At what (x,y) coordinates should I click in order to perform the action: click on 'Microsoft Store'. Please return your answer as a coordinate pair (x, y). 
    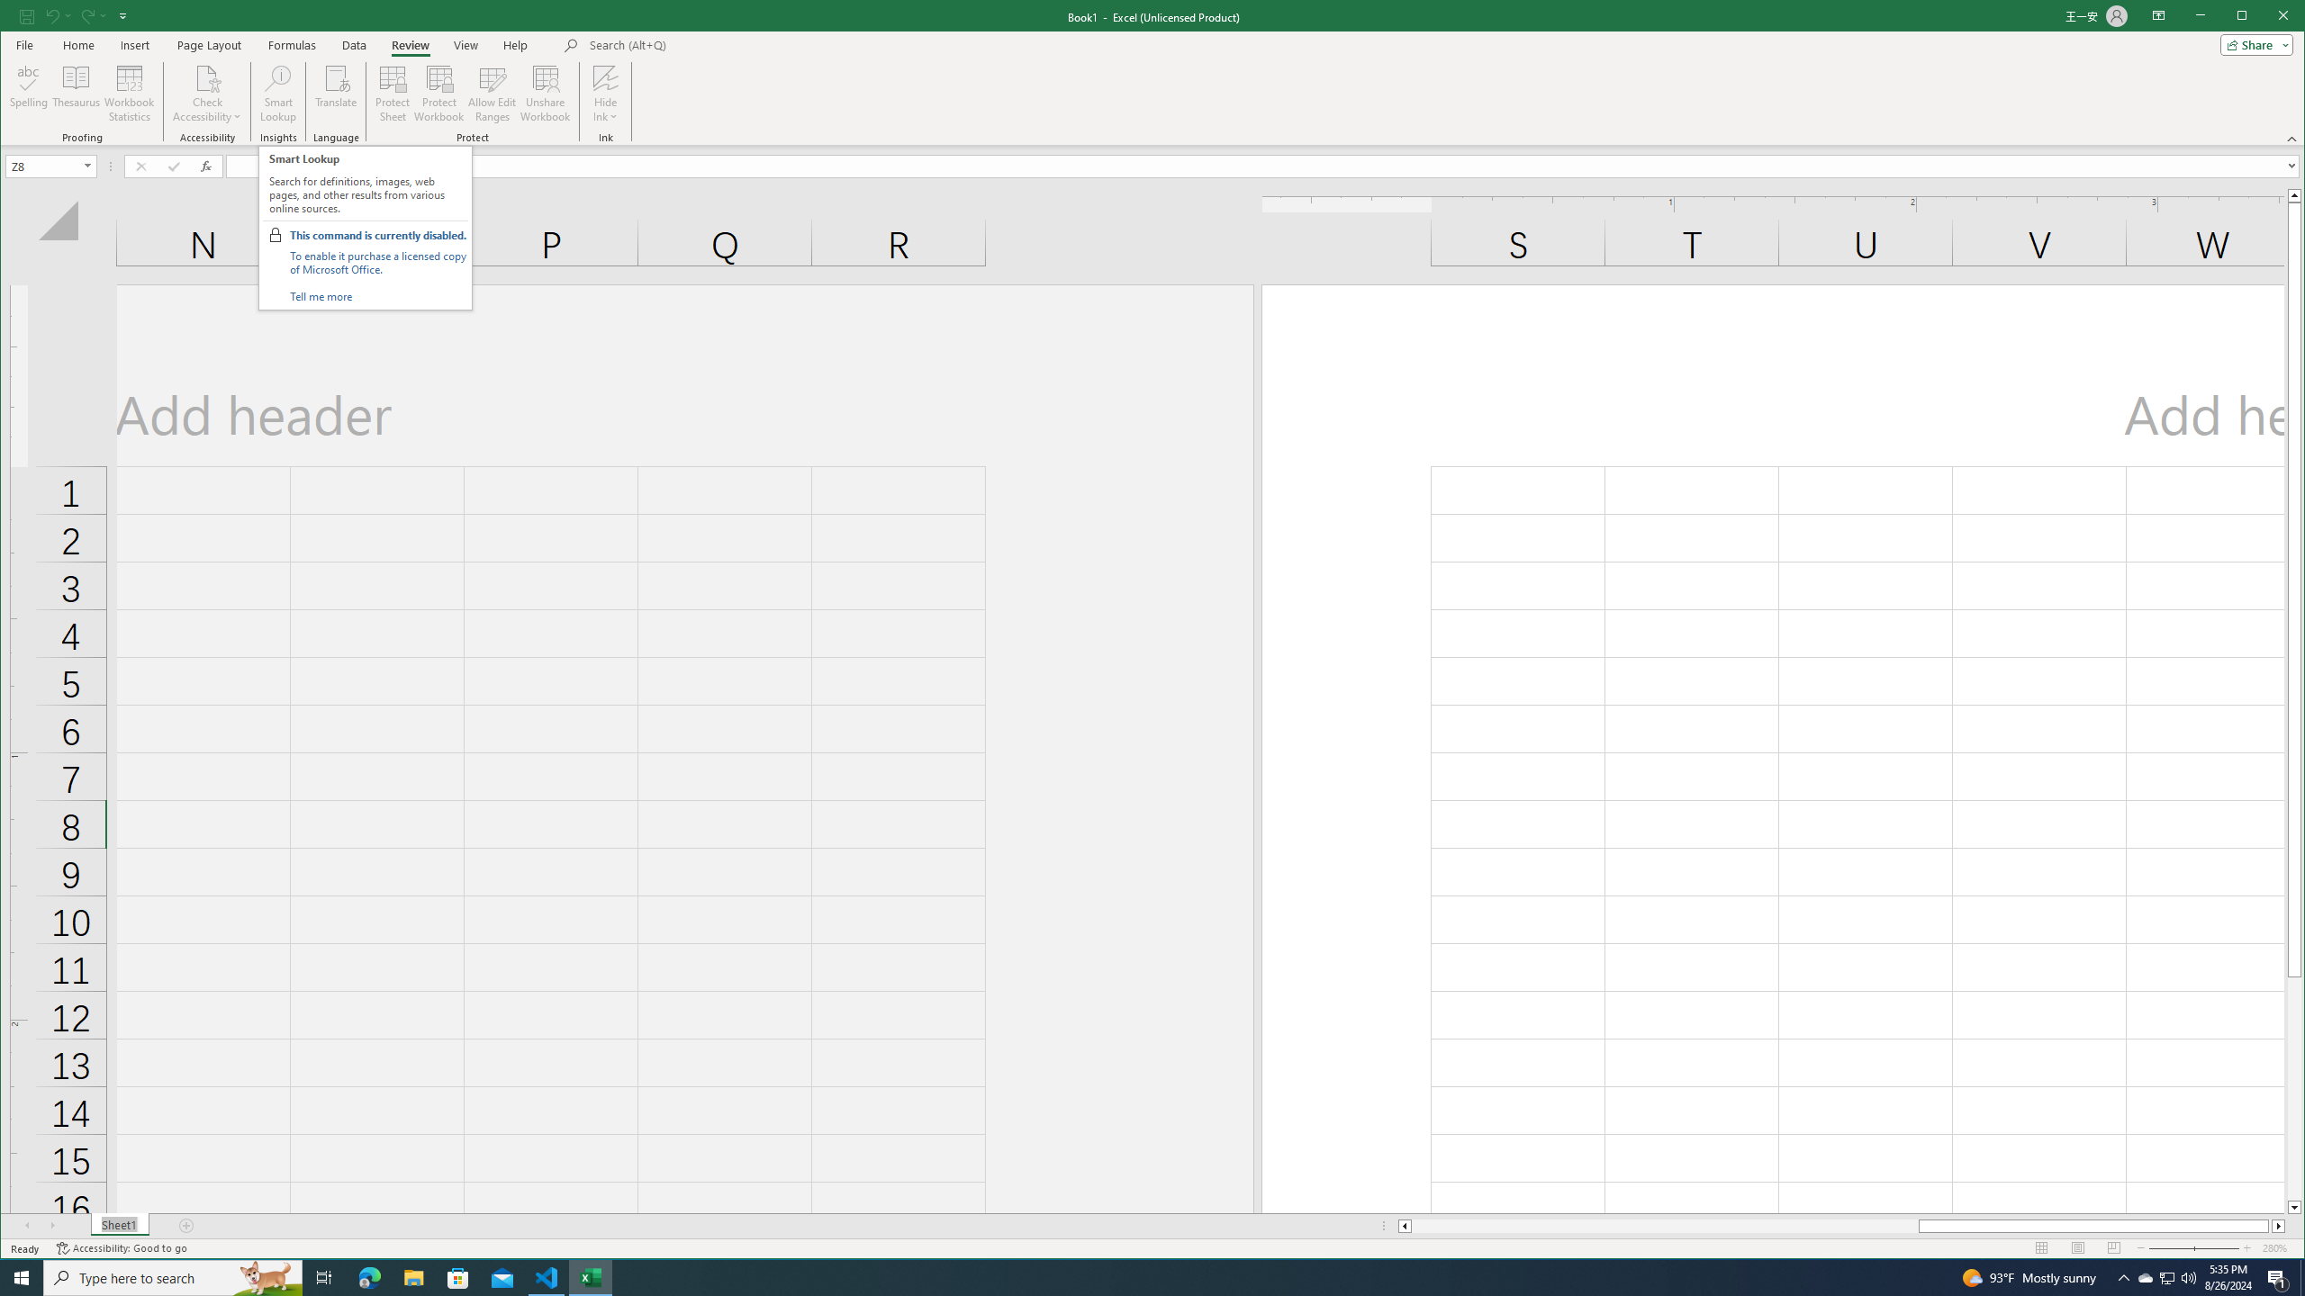
    Looking at the image, I should click on (458, 1276).